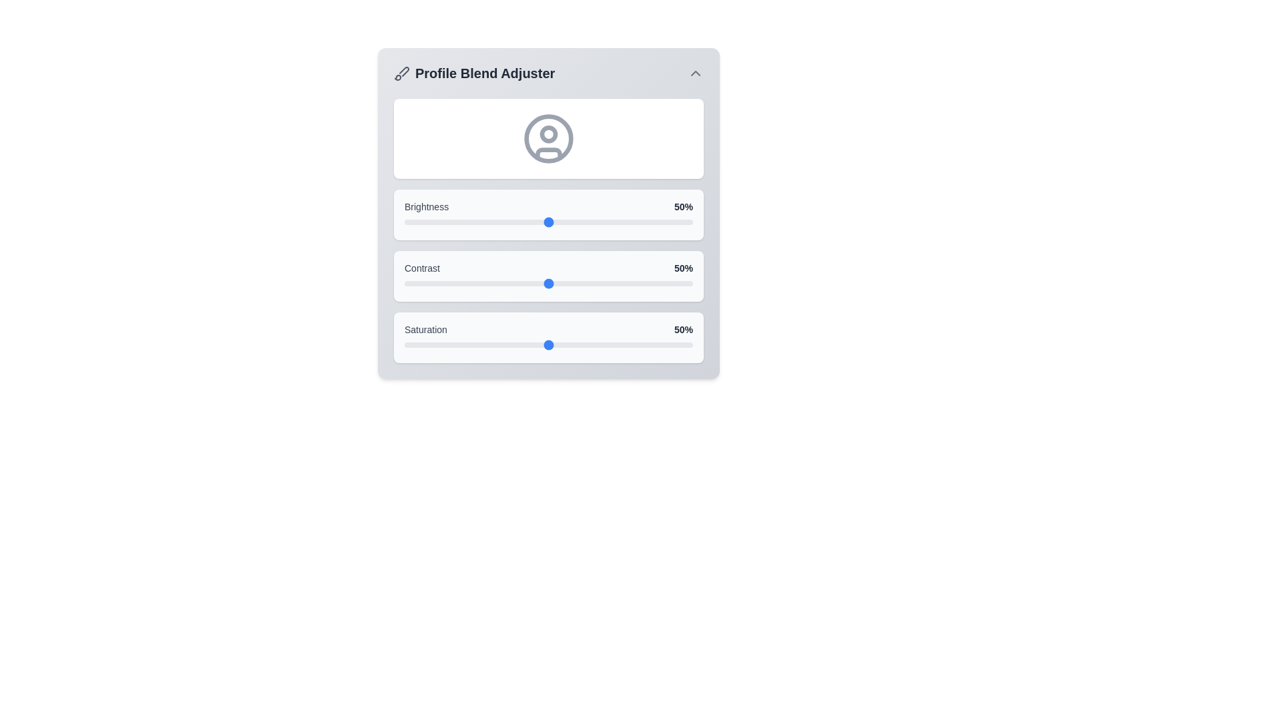  Describe the element at coordinates (563, 282) in the screenshot. I see `contrast` at that location.